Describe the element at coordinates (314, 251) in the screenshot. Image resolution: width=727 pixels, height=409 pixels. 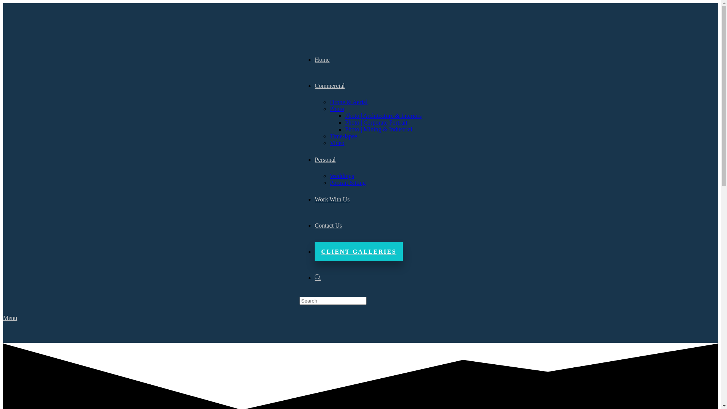
I see `'CLIENT GALLERIES'` at that location.